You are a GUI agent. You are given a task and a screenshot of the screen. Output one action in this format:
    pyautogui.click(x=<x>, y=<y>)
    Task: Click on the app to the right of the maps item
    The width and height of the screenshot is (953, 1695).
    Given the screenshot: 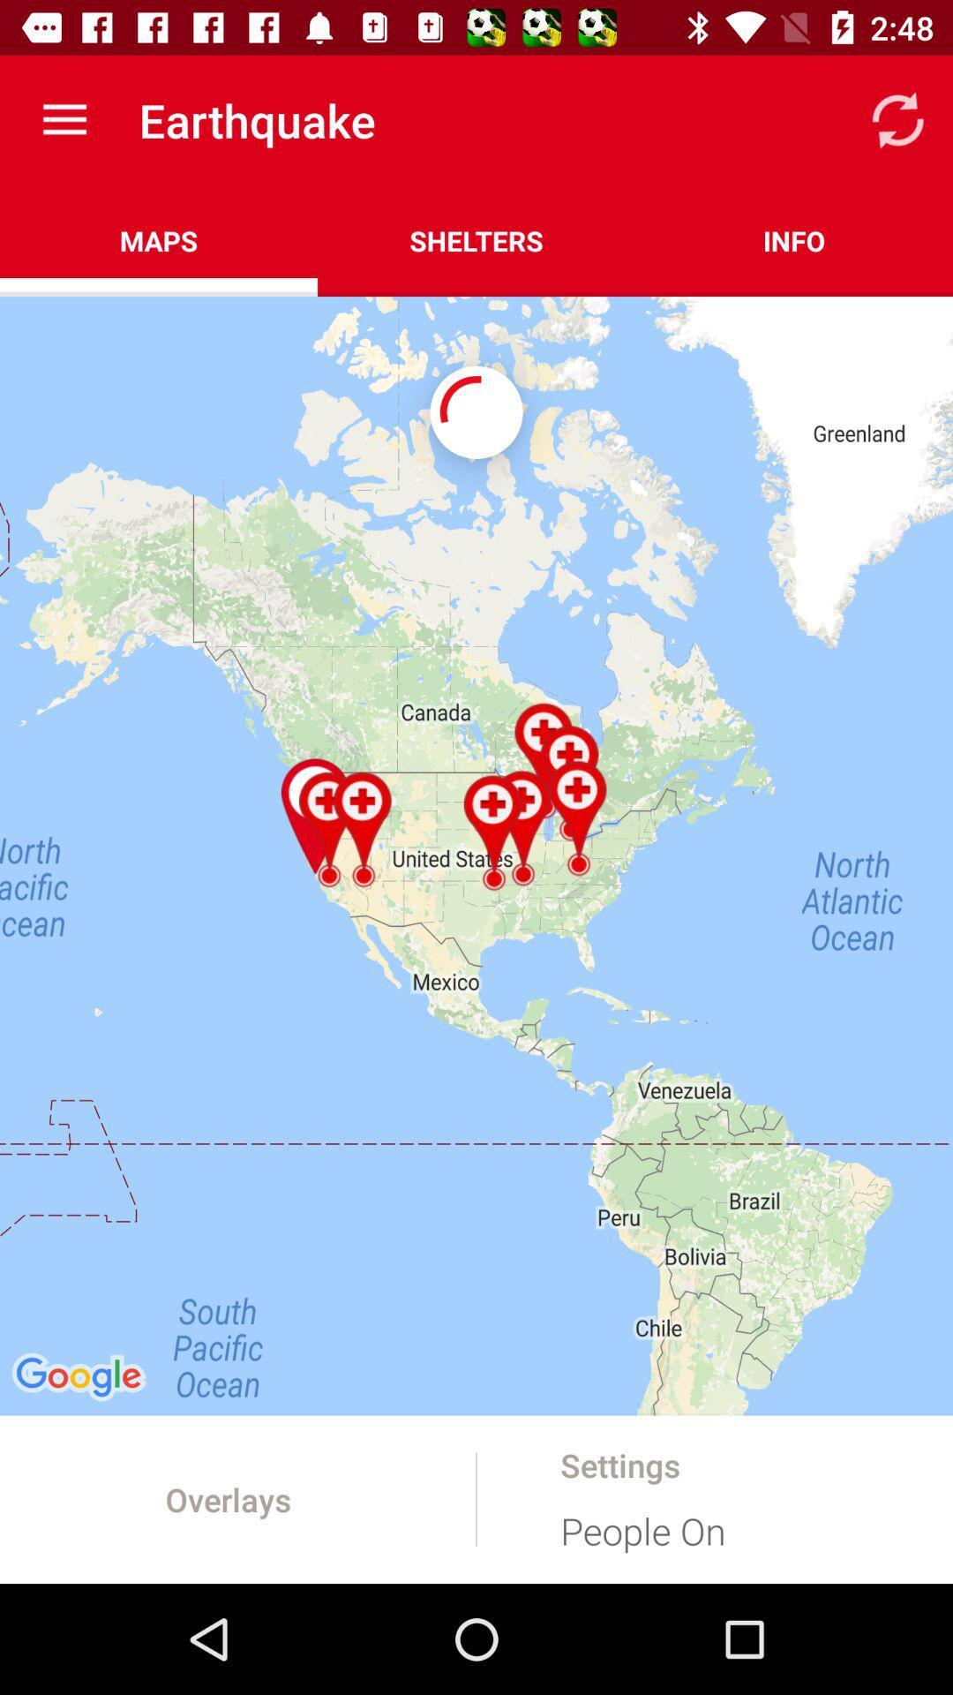 What is the action you would take?
    pyautogui.click(x=476, y=240)
    